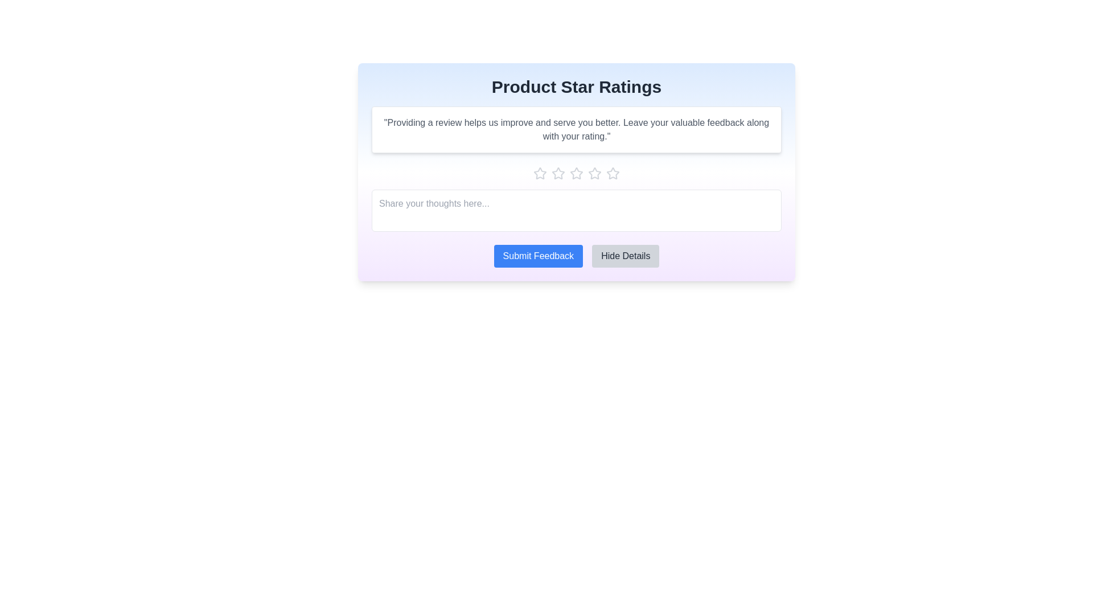 This screenshot has width=1093, height=615. What do you see at coordinates (537, 256) in the screenshot?
I see `the 'Submit Feedback' button to submit the feedback` at bounding box center [537, 256].